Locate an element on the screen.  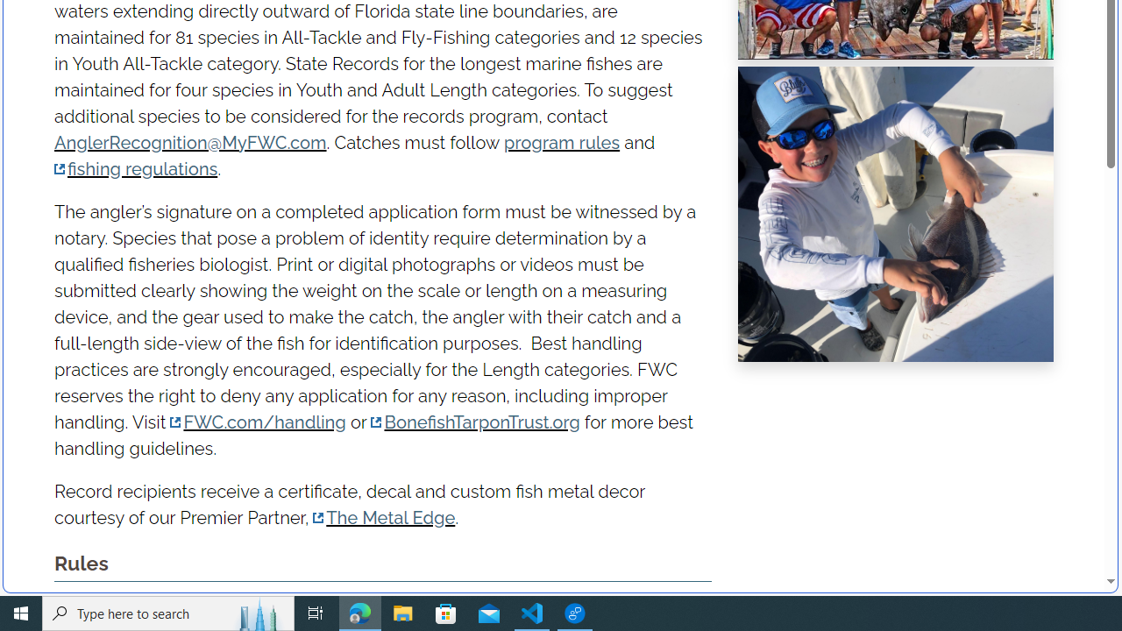
'FWC.com/handling' is located at coordinates (258, 422).